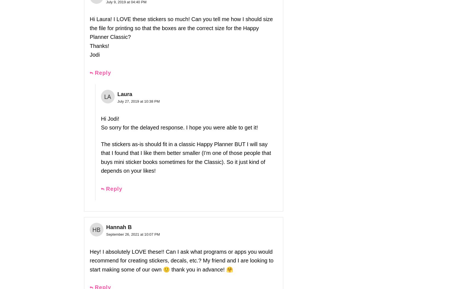  I want to click on 'Jodi', so click(89, 54).